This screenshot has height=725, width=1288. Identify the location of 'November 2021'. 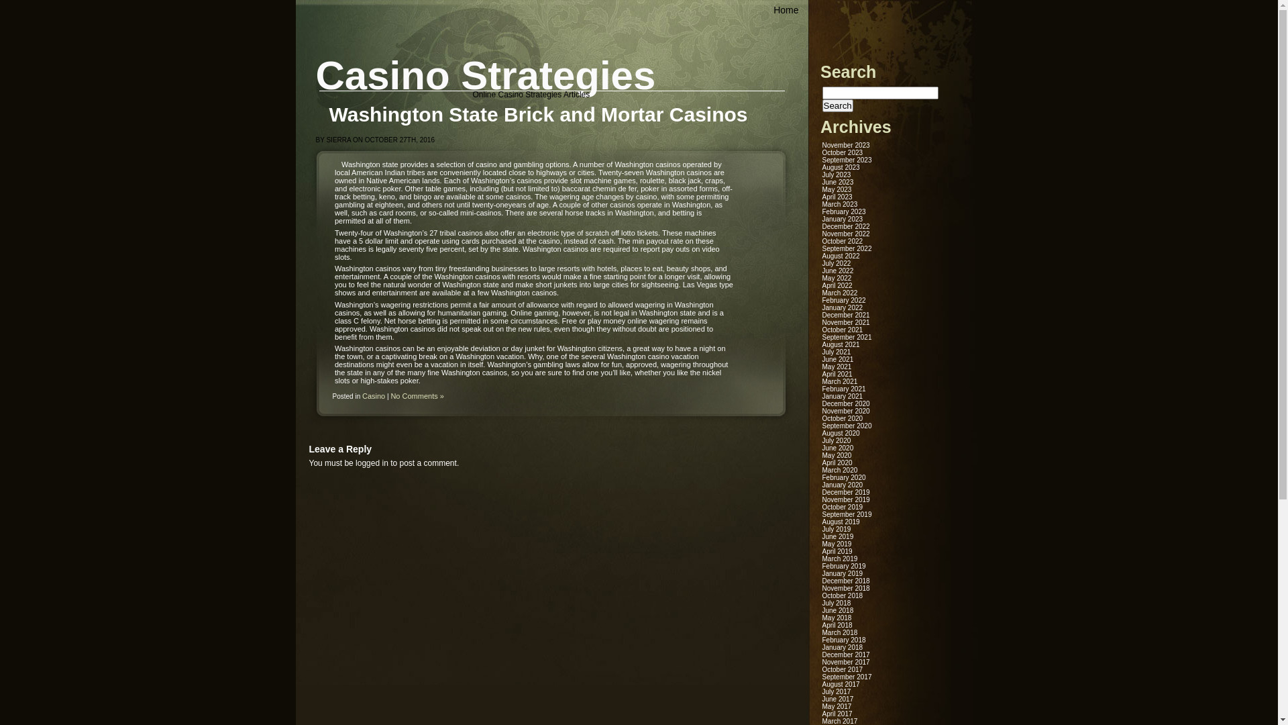
(845, 322).